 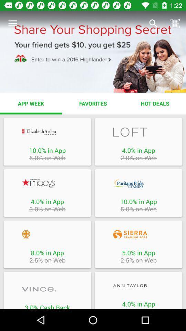 I want to click on open the specific promotion, so click(x=138, y=234).